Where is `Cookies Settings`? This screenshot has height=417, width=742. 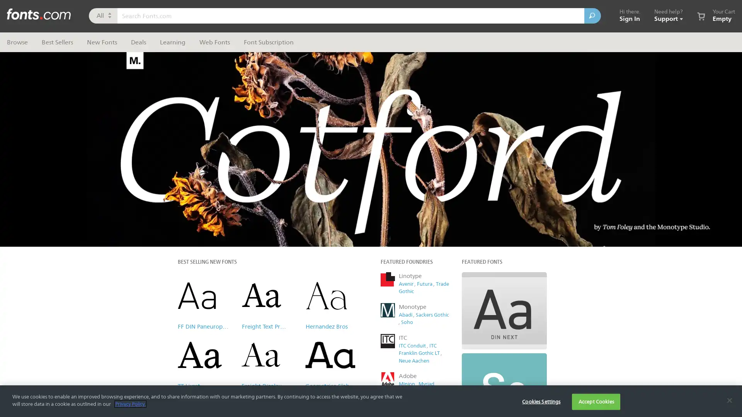 Cookies Settings is located at coordinates (541, 401).